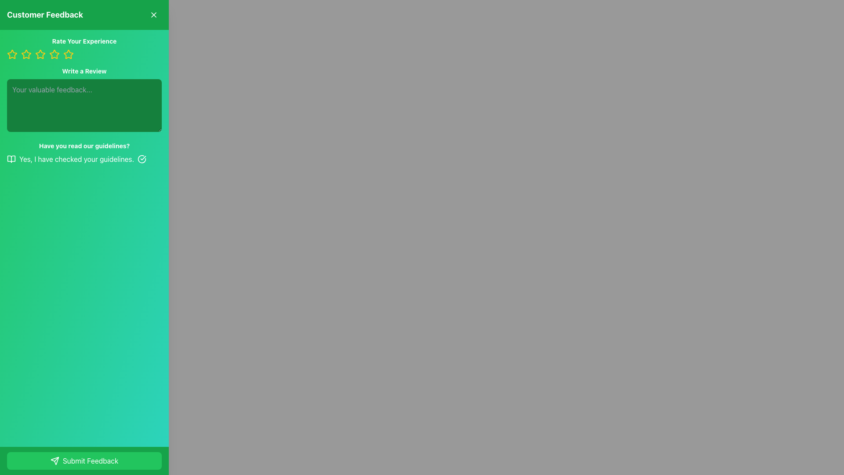  What do you see at coordinates (142, 159) in the screenshot?
I see `the checkmark icon within the checkbox component located to the right of the label text 'Yes, I have checked your guidelines.'` at bounding box center [142, 159].